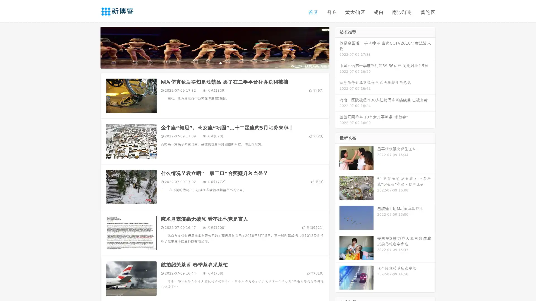 This screenshot has height=301, width=536. What do you see at coordinates (209, 63) in the screenshot?
I see `Go to slide 1` at bounding box center [209, 63].